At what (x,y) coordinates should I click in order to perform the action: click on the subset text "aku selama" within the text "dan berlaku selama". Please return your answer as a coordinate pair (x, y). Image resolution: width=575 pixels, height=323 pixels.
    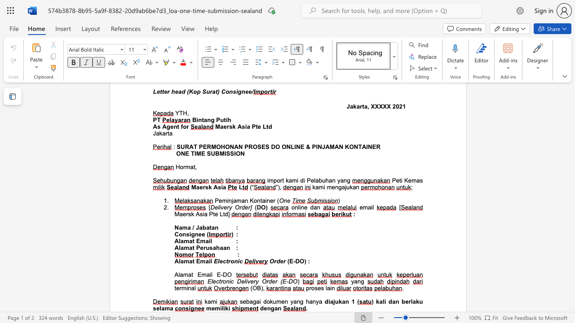
    Looking at the image, I should click on (412, 301).